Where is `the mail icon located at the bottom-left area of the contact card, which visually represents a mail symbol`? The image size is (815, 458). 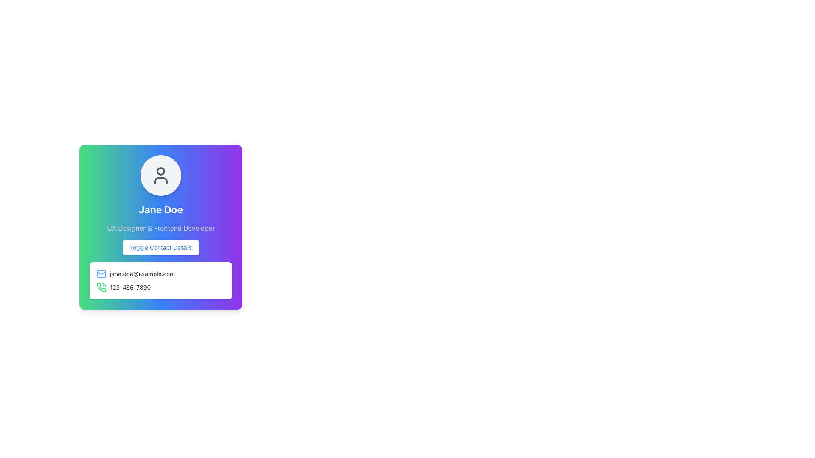
the mail icon located at the bottom-left area of the contact card, which visually represents a mail symbol is located at coordinates (101, 274).